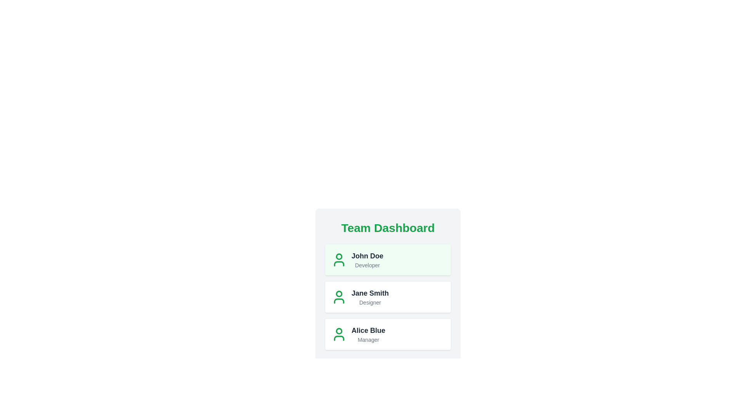  I want to click on the text label 'Manager' which is styled in a small gray font and located below 'Alice Blue' in the Team Dashboard section, so click(368, 339).